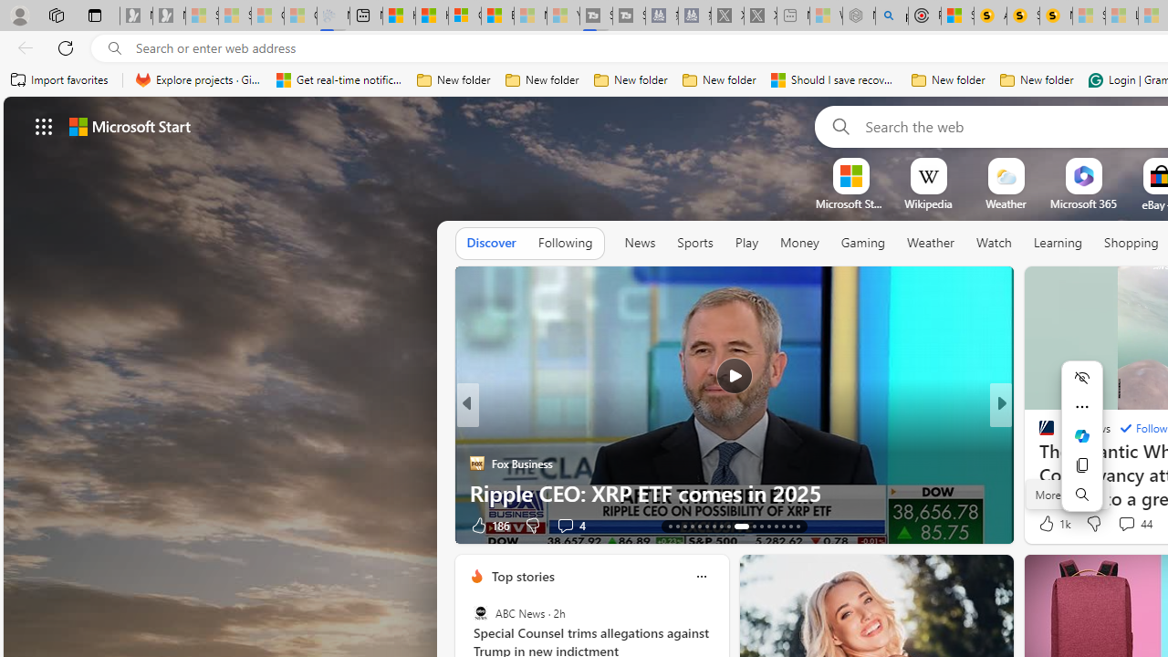 This screenshot has height=657, width=1168. I want to click on 'Nordace - Summer Adventures 2024 - Sleeping', so click(858, 16).